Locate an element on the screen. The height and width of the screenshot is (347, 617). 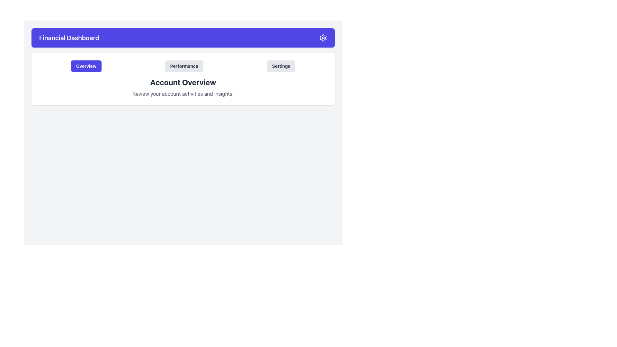
the static text element that provides guidance about reviewing account details, located directly below the 'Account Overview' title is located at coordinates (183, 94).